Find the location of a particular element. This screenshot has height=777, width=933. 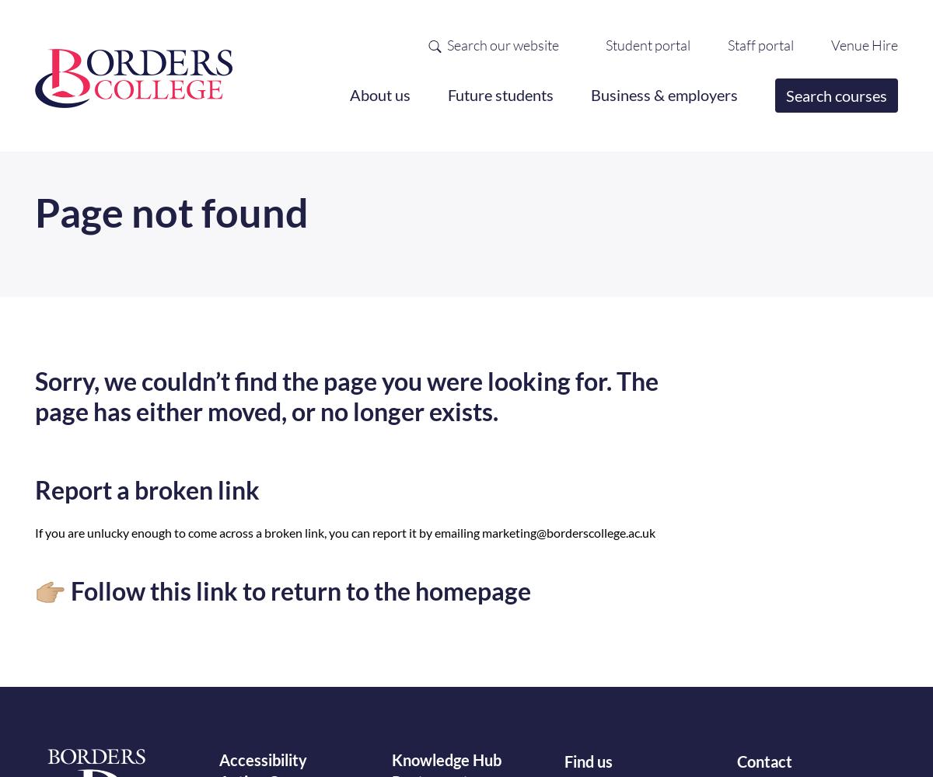

'Report a broken link' is located at coordinates (146, 489).